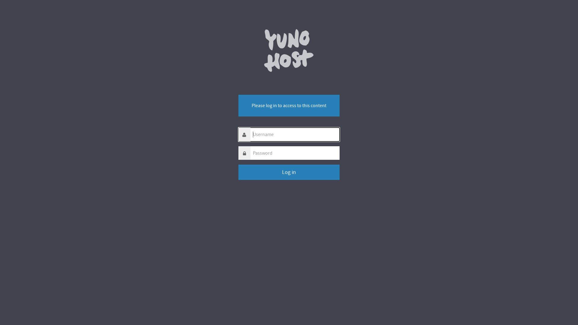 The width and height of the screenshot is (578, 325). What do you see at coordinates (289, 172) in the screenshot?
I see `'Log in'` at bounding box center [289, 172].